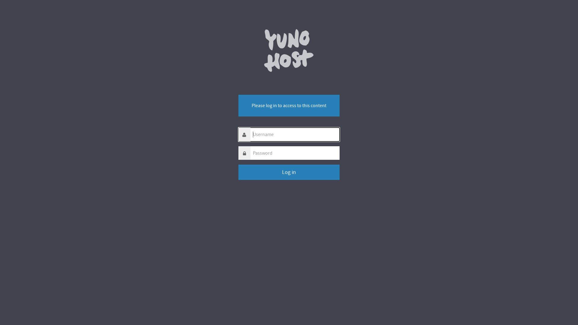 The width and height of the screenshot is (578, 325). What do you see at coordinates (289, 172) in the screenshot?
I see `'Log in'` at bounding box center [289, 172].